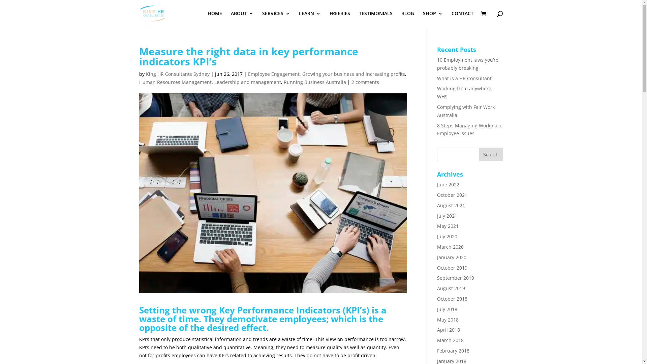 This screenshot has height=364, width=647. I want to click on 'August 2019', so click(451, 288).